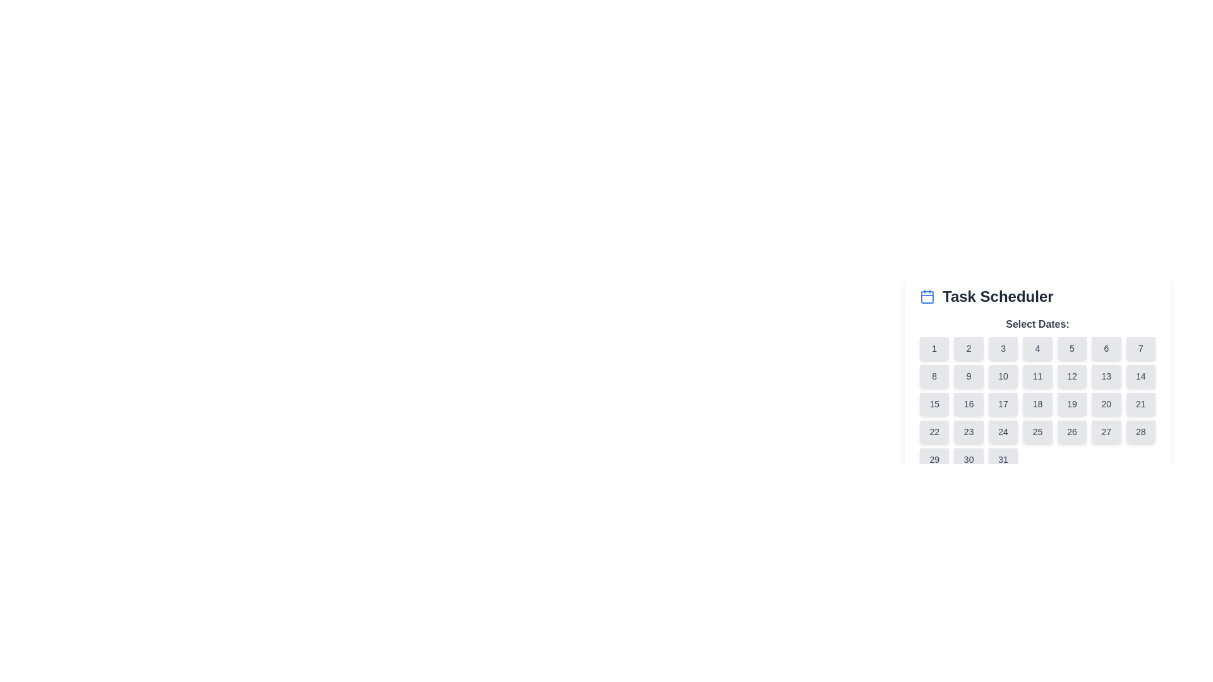 This screenshot has height=682, width=1213. Describe the element at coordinates (934, 431) in the screenshot. I see `on the button representing the date '22' within the calendar interface` at that location.